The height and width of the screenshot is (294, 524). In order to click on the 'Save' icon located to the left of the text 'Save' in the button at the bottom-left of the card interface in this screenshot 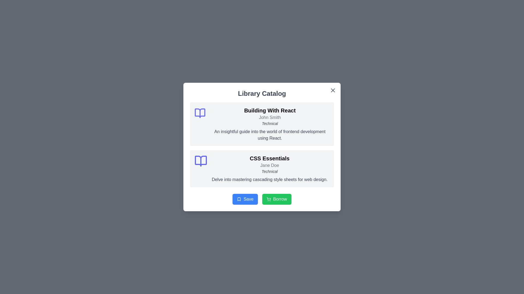, I will do `click(239, 199)`.